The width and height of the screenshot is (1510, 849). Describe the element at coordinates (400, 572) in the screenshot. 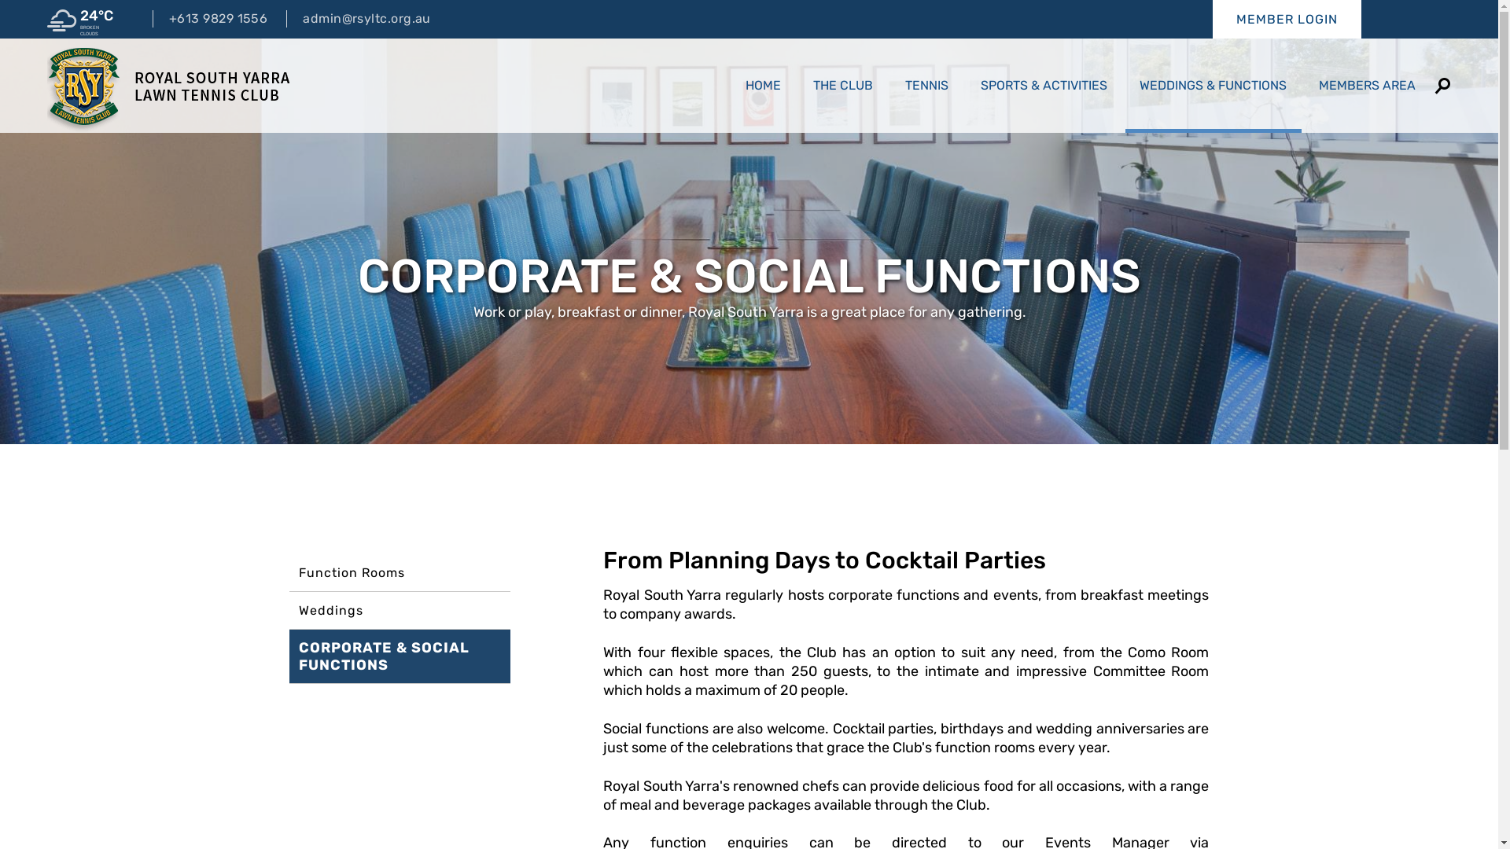

I see `'Function Rooms'` at that location.